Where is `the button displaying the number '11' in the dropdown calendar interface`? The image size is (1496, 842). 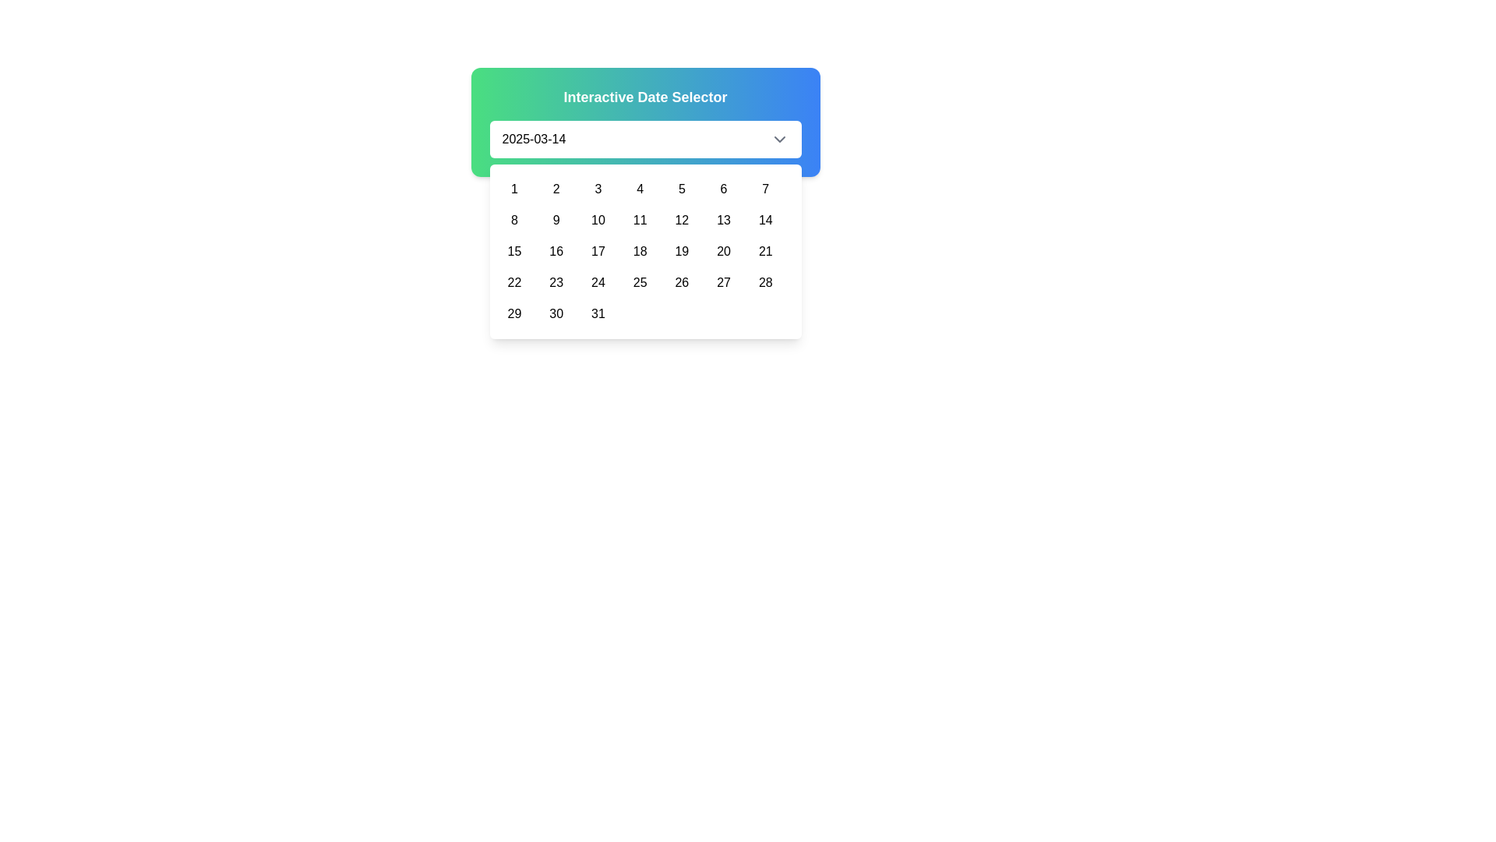 the button displaying the number '11' in the dropdown calendar interface is located at coordinates (640, 220).